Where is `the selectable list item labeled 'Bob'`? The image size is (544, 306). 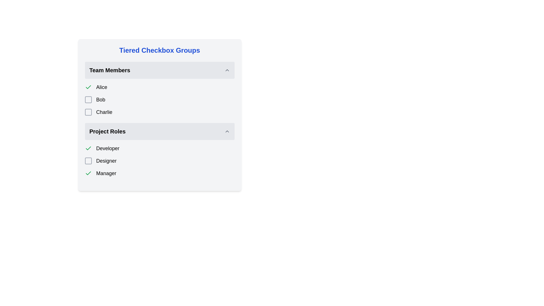 the selectable list item labeled 'Bob' is located at coordinates (159, 99).